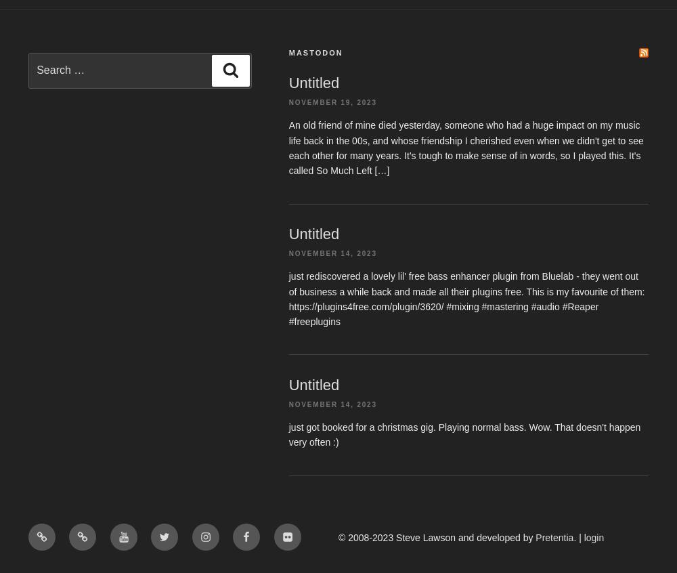 The image size is (677, 573). I want to click on 'Mastodon', so click(315, 53).